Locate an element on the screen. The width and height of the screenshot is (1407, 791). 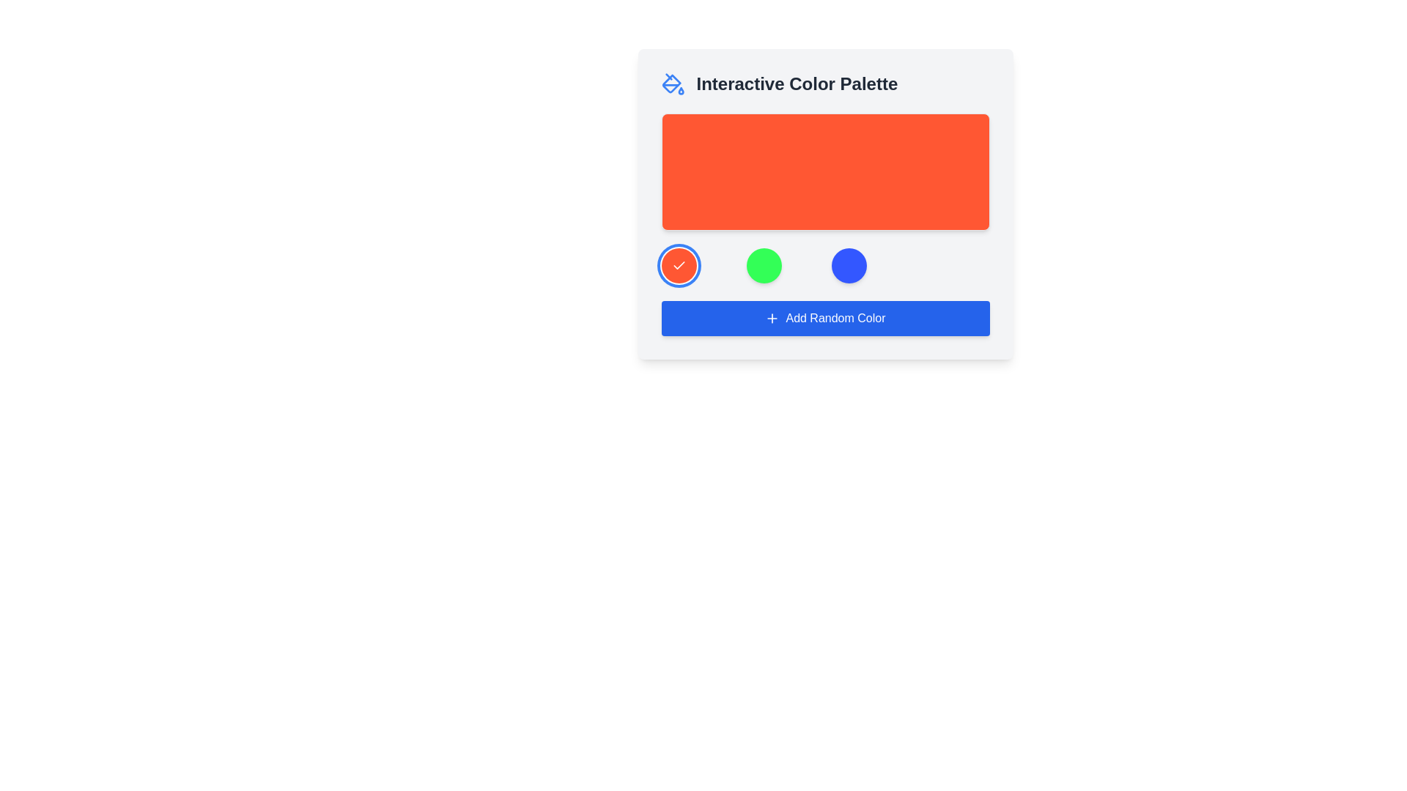
the first circular button located below a large rectangular orange area and above the blue button labeled 'Add Random Color' is located at coordinates (678, 265).